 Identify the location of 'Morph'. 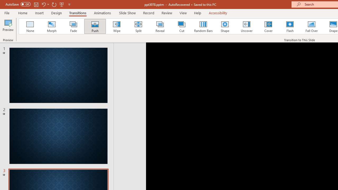
(51, 26).